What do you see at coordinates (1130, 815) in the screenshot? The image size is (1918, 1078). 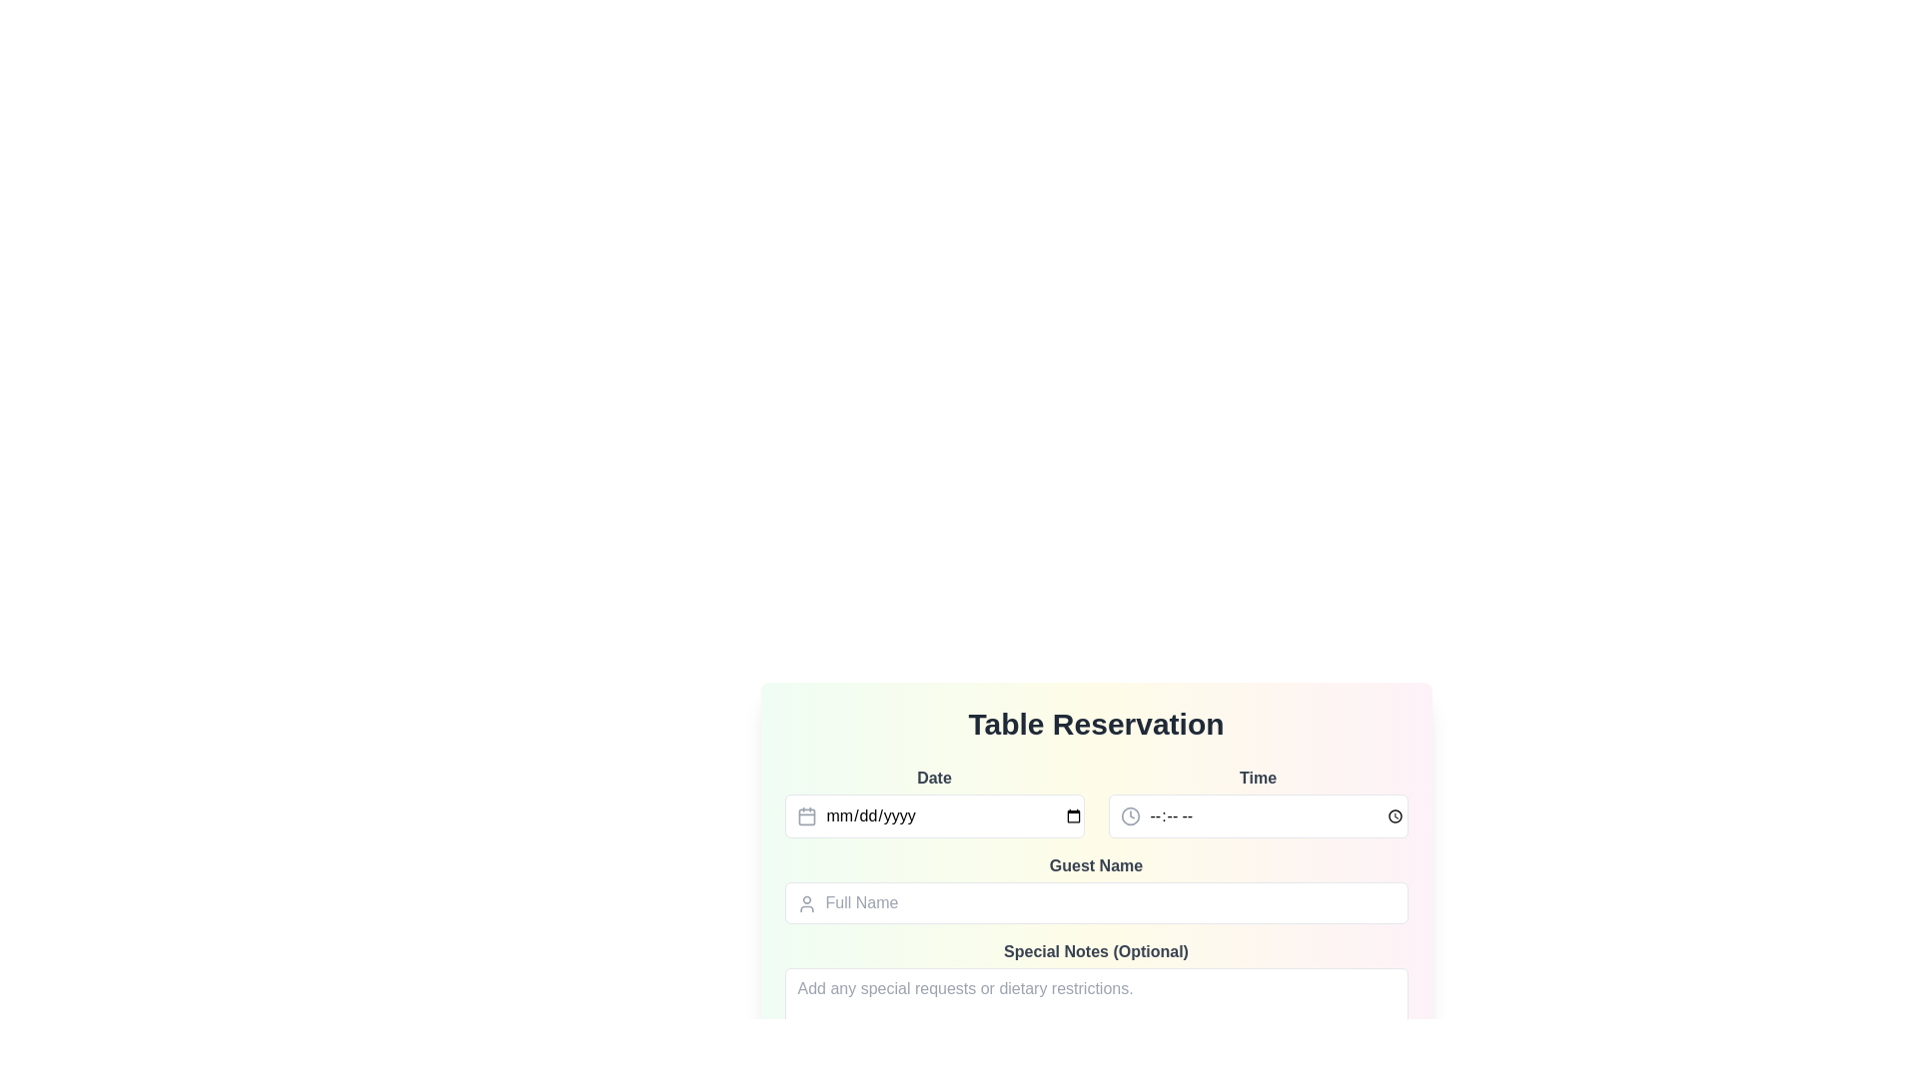 I see `the Circle element of the clock icon in the 'Time' input field of the 'Table Reservation' form, located to the left of the placeholder text '--:-- --'` at bounding box center [1130, 815].